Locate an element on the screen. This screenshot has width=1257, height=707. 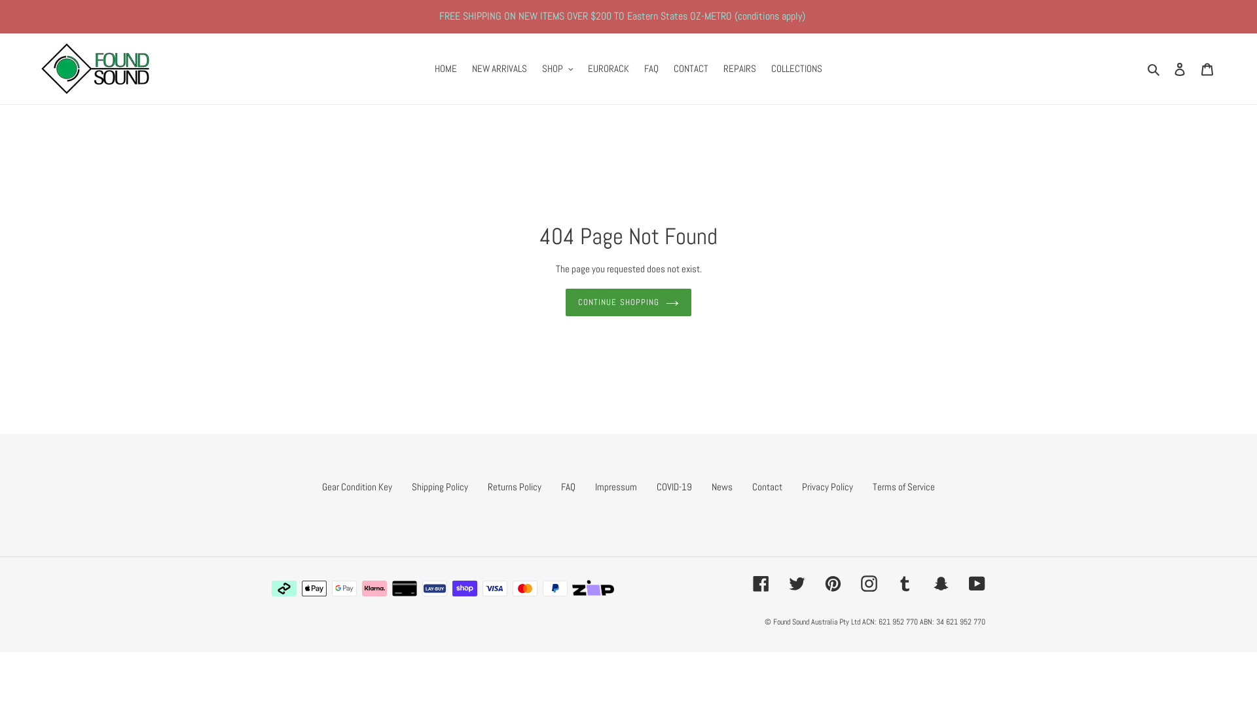
'Snapchat' is located at coordinates (940, 583).